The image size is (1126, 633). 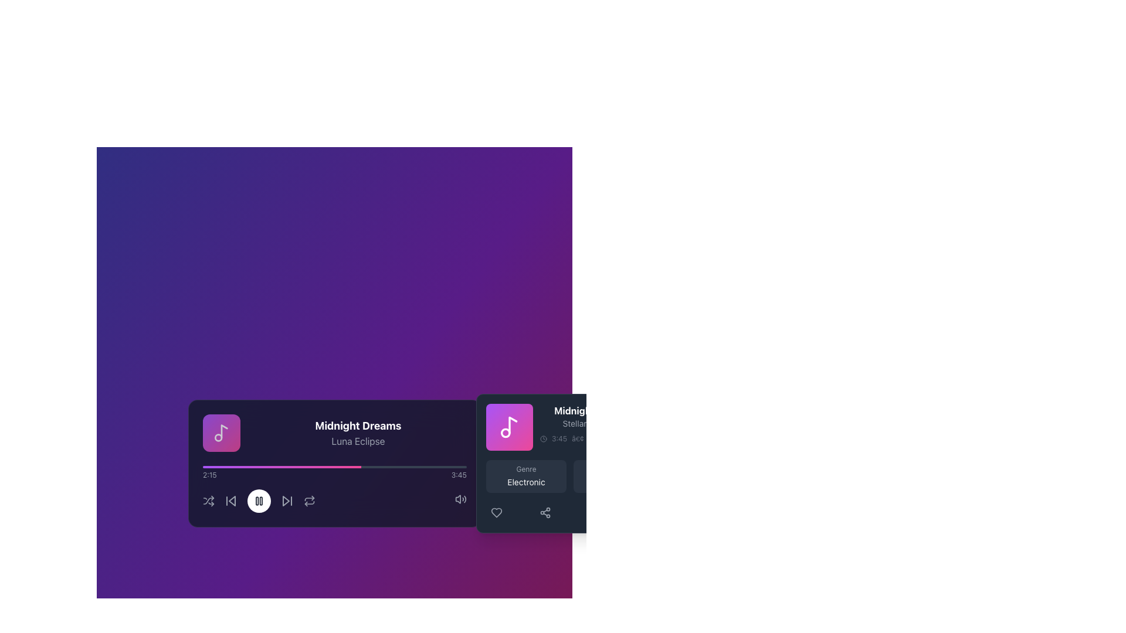 I want to click on the shuffle icon, which is a pair of arrows crossing each other in the media player control interface, so click(x=208, y=501).